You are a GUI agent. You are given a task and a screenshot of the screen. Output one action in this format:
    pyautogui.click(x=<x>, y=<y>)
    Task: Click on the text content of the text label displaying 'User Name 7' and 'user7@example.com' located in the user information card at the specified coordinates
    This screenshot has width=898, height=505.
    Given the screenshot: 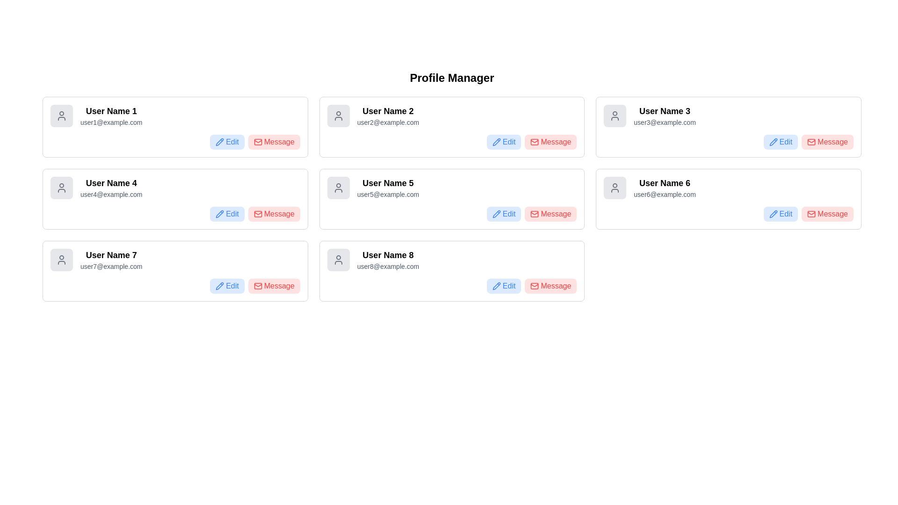 What is the action you would take?
    pyautogui.click(x=111, y=260)
    